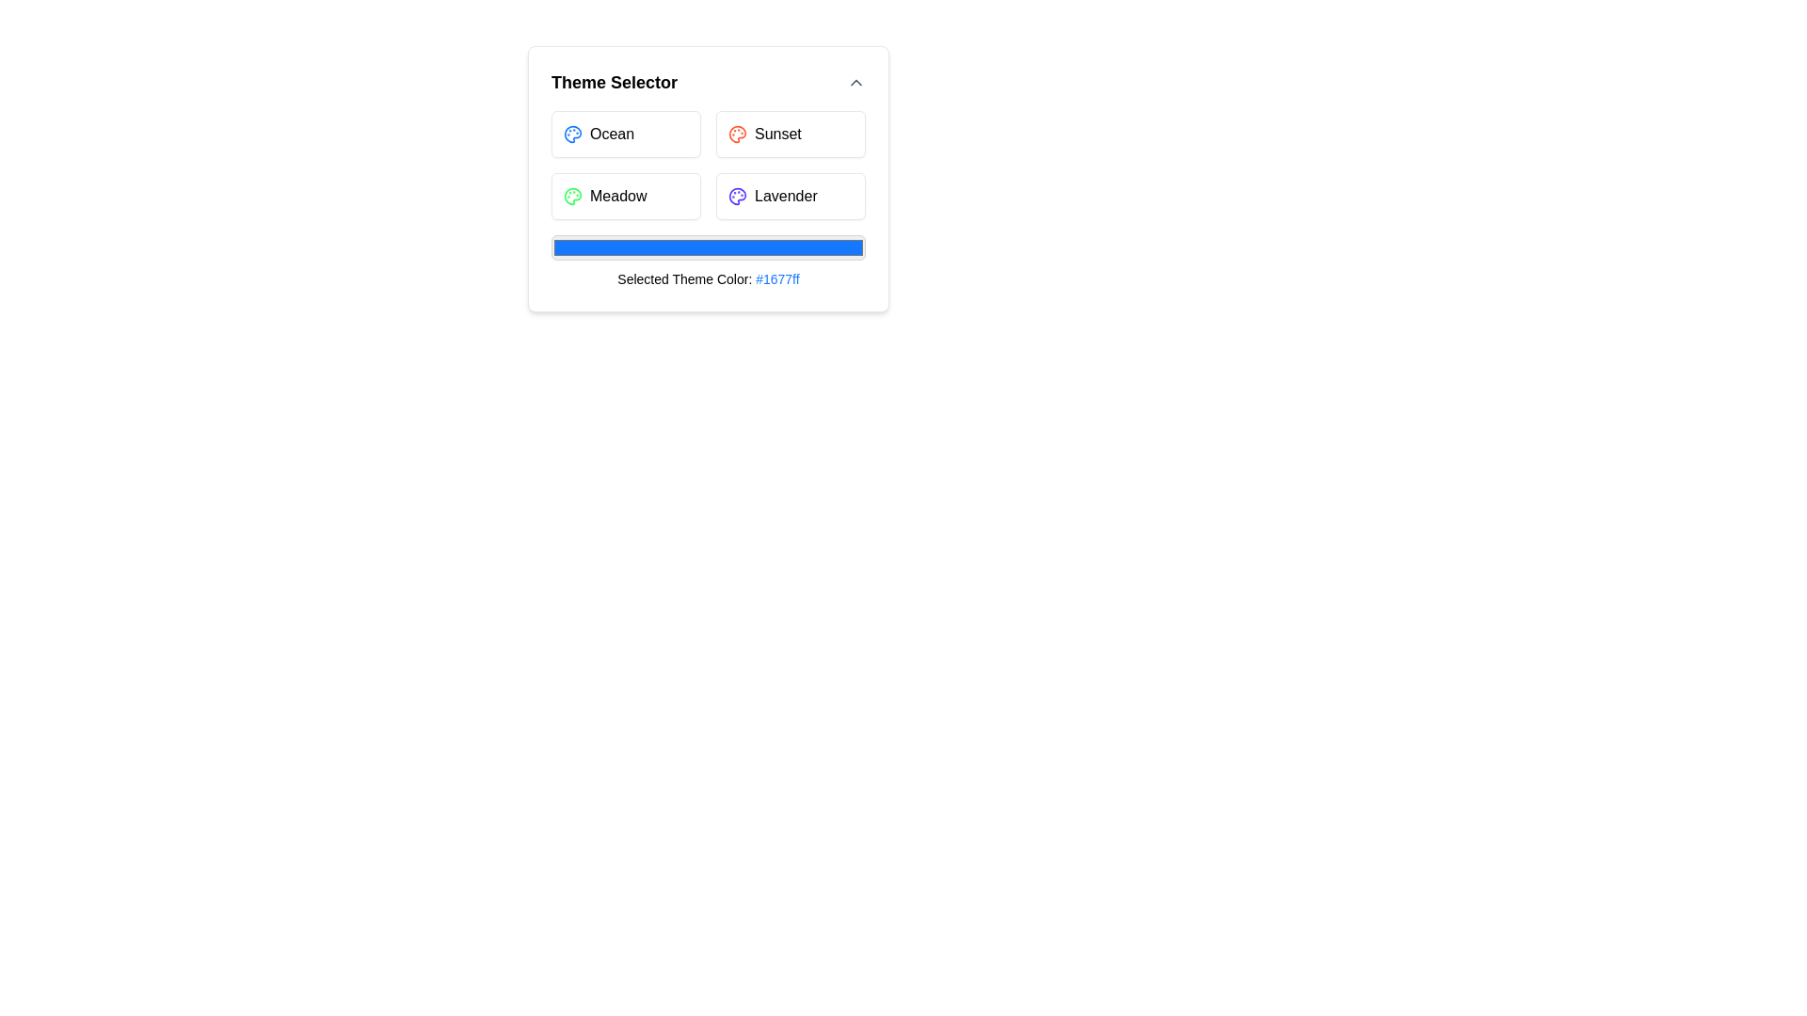 This screenshot has width=1807, height=1016. I want to click on the small orange color palette icon located in the 'Sunset' option's button of the theme selection interface, so click(736, 133).